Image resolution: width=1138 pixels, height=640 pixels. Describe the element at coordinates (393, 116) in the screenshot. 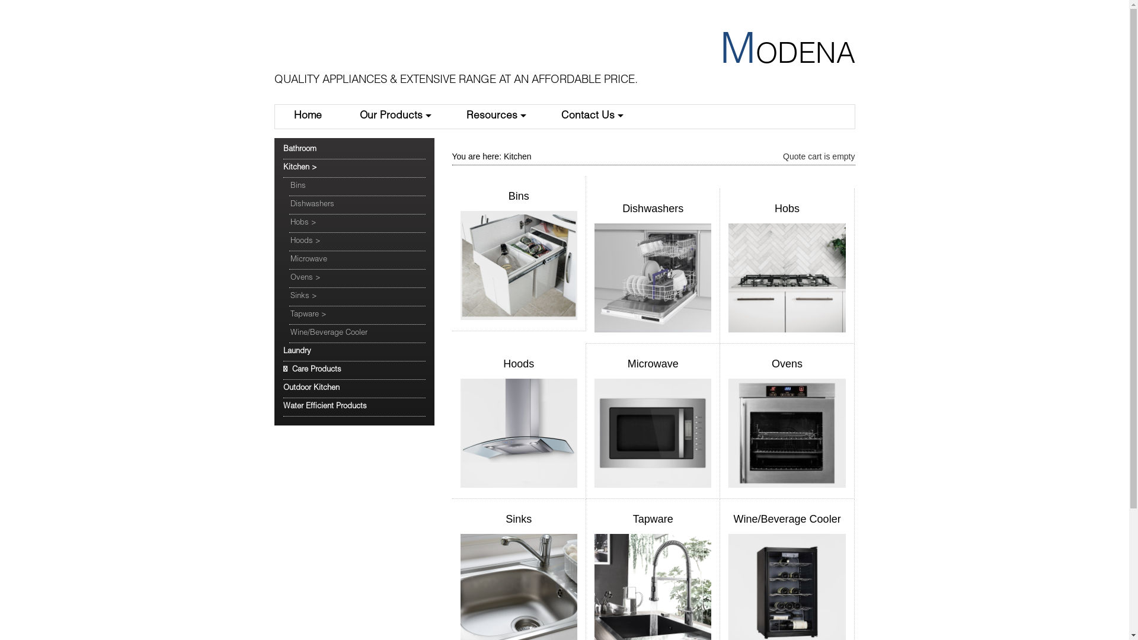

I see `'Our Products'` at that location.